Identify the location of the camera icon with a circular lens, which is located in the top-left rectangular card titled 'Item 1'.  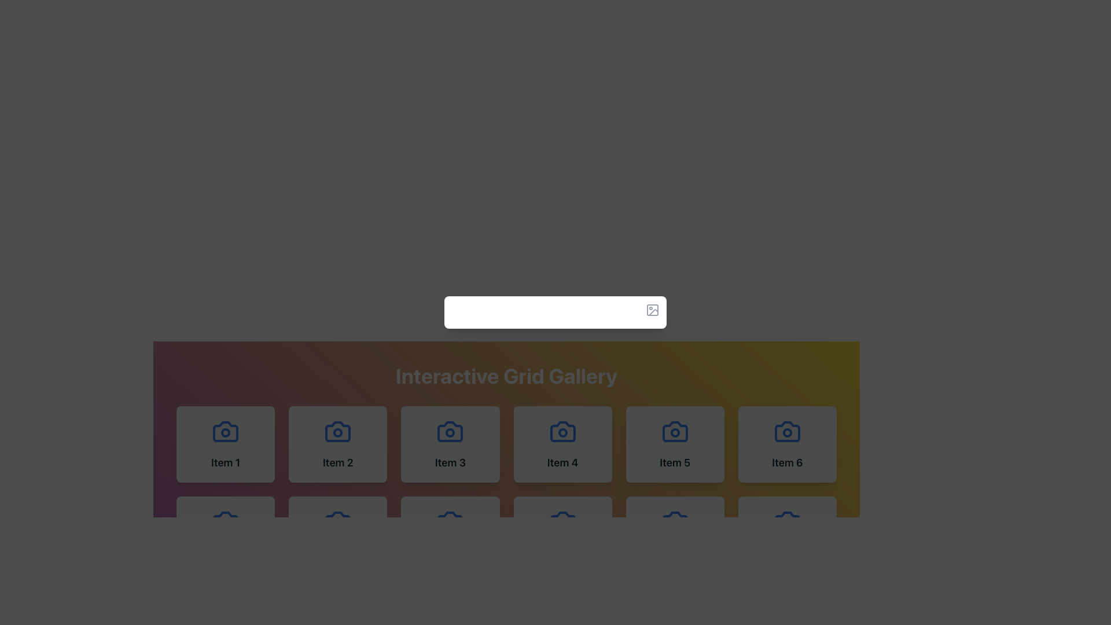
(226, 431).